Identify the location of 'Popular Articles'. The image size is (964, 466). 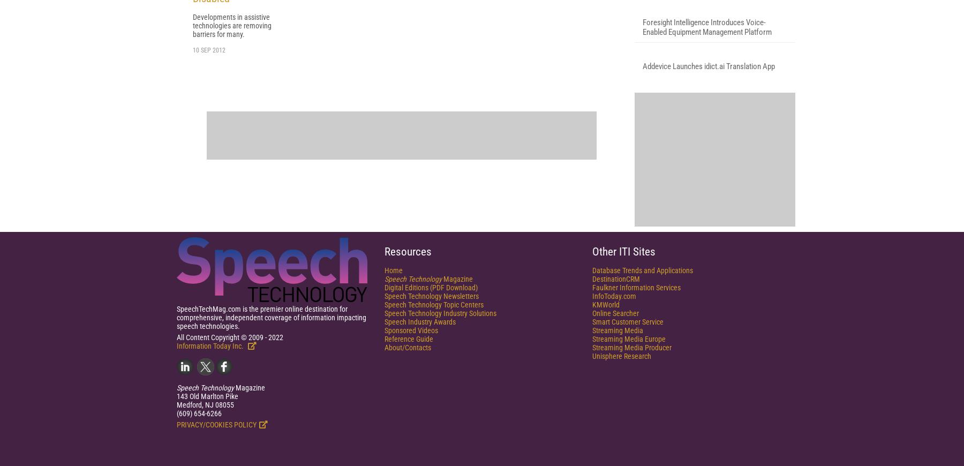
(685, 51).